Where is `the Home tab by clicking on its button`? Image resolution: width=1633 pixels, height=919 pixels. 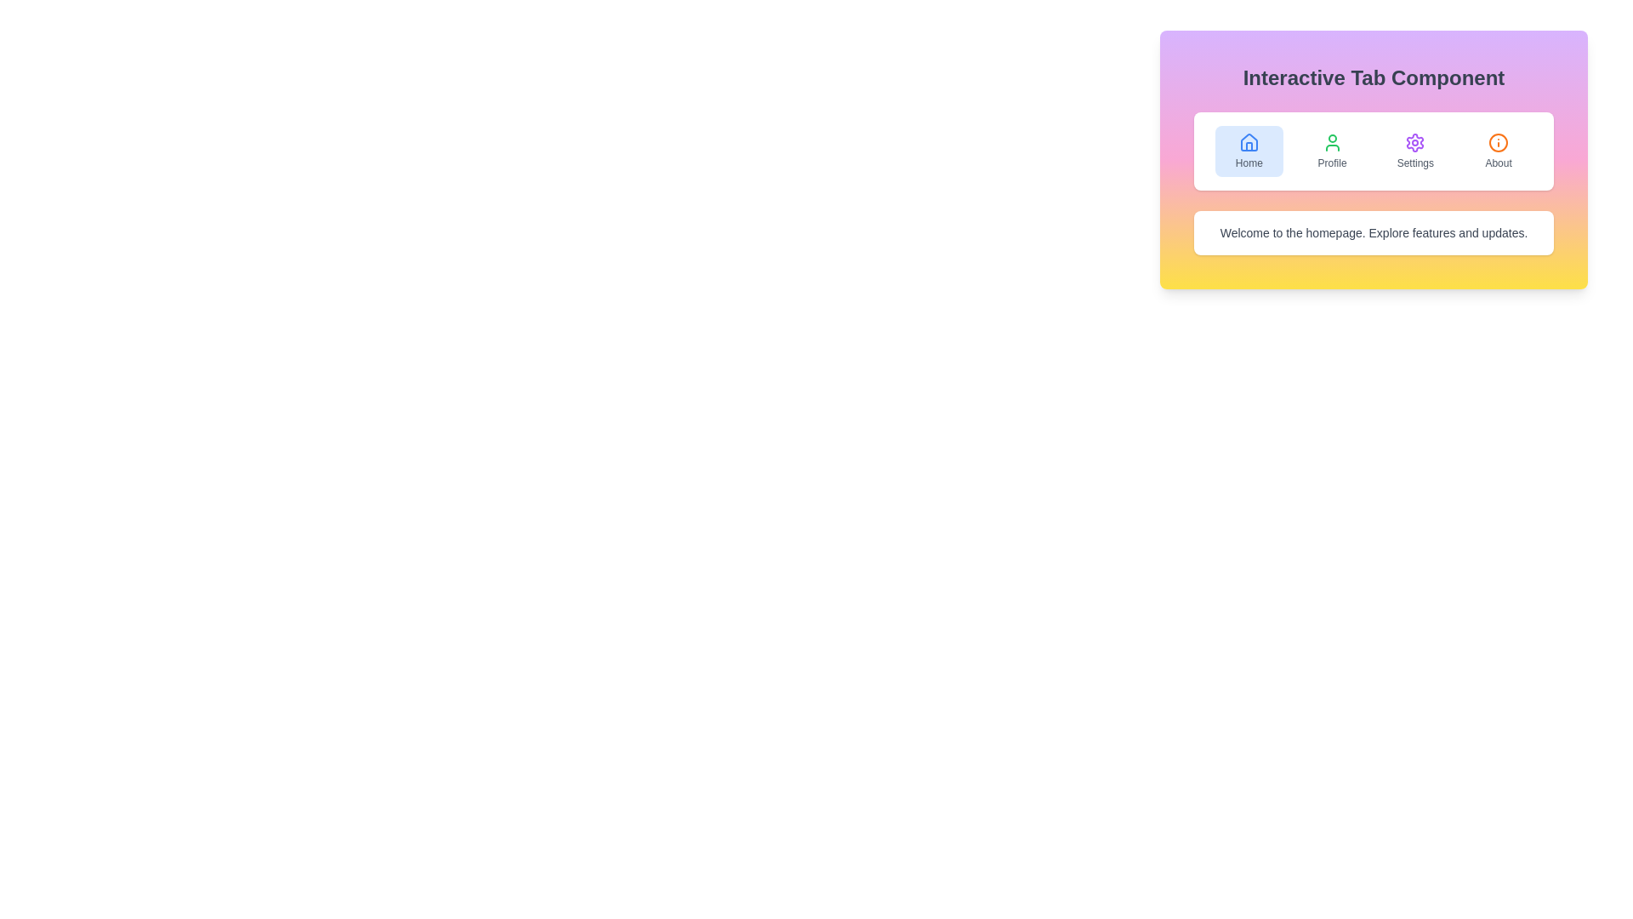
the Home tab by clicking on its button is located at coordinates (1249, 150).